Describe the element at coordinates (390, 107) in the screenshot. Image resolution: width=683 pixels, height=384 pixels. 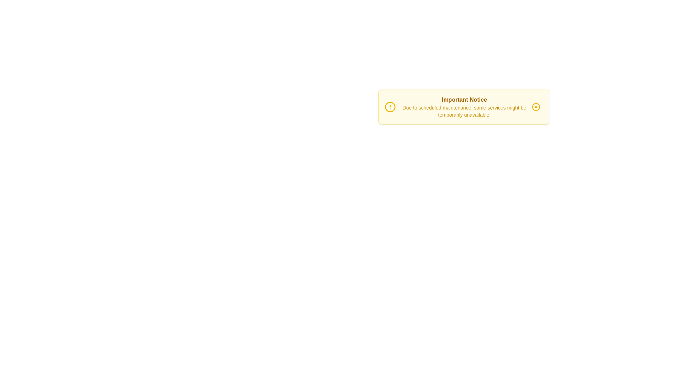
I see `the alert icon next to the title` at that location.